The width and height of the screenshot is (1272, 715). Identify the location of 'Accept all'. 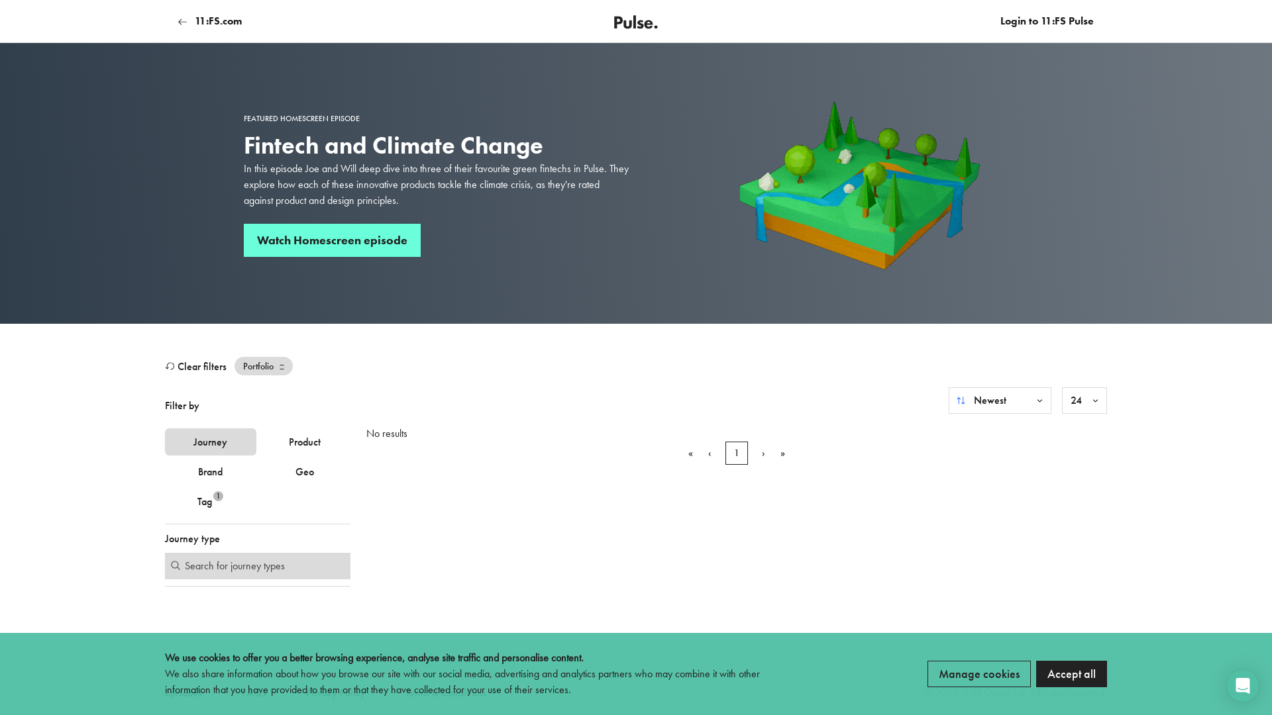
(1071, 674).